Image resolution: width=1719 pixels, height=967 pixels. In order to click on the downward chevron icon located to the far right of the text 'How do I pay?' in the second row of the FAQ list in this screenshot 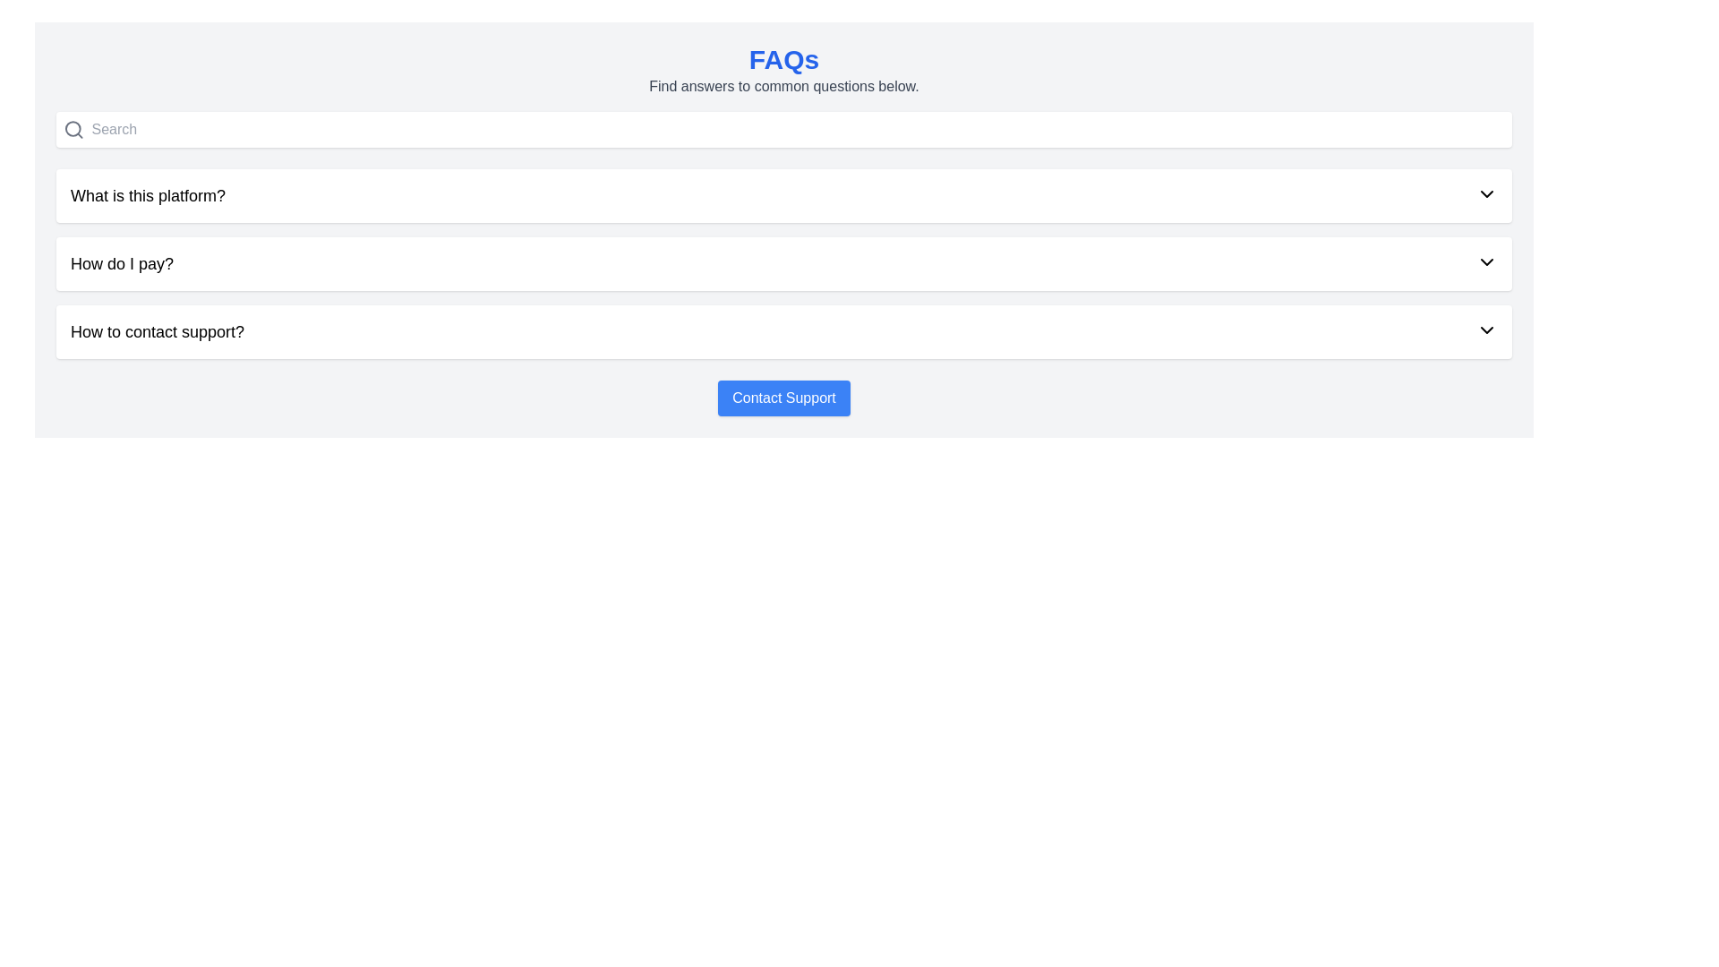, I will do `click(1486, 262)`.